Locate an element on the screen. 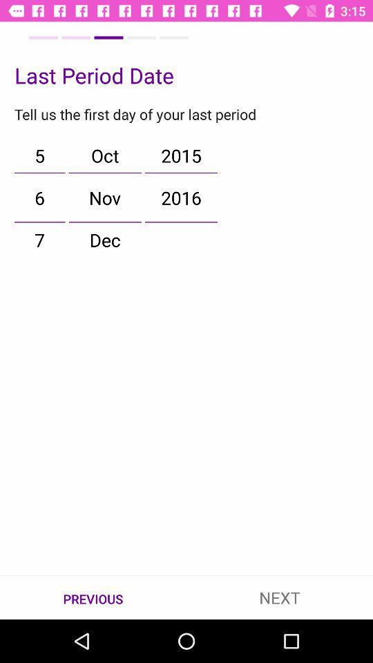 The width and height of the screenshot is (373, 663). next item is located at coordinates (280, 597).